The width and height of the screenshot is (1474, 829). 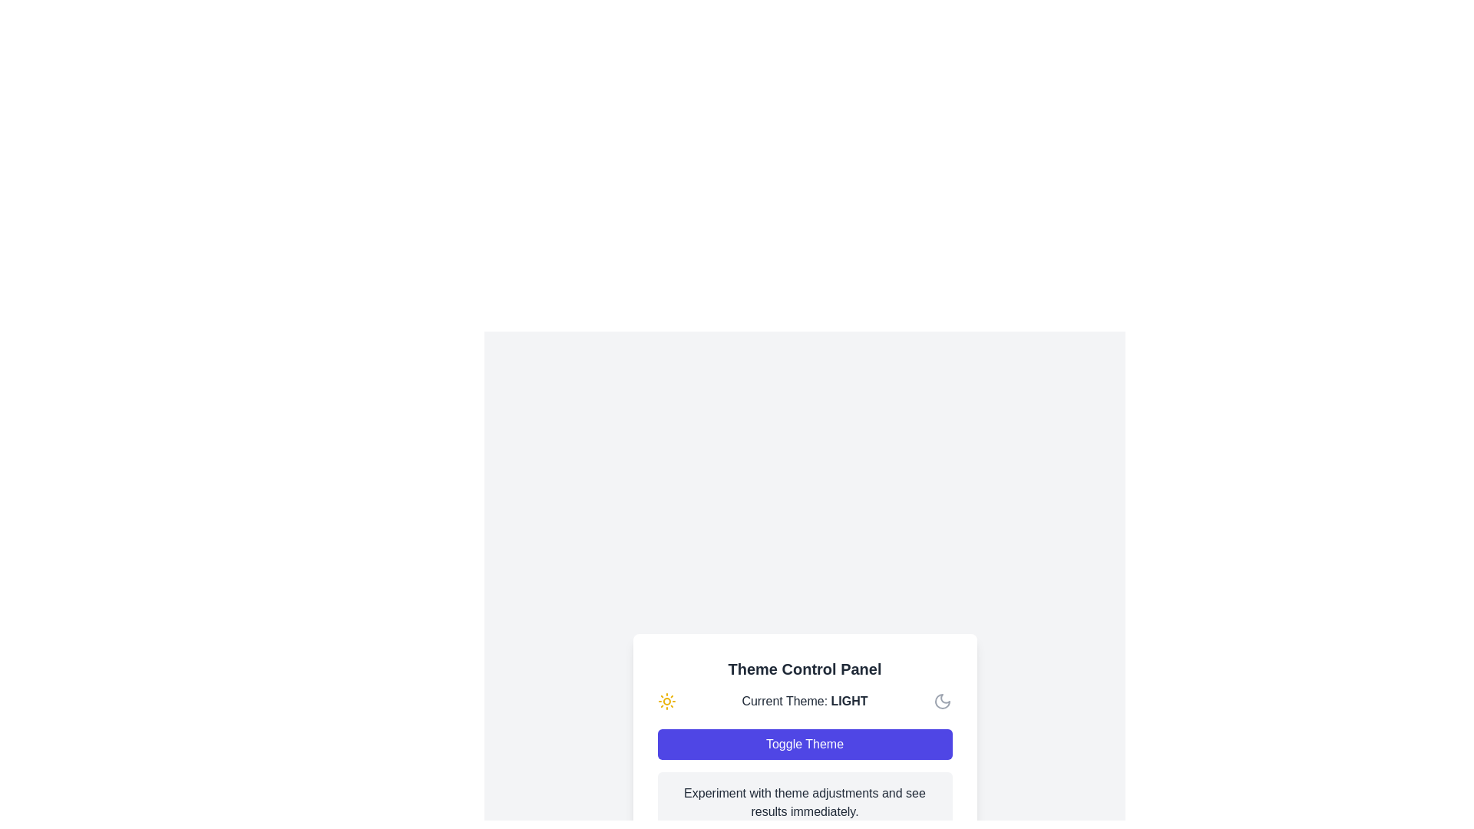 I want to click on the informational label indicating the current theme selected, which displays 'LIGHT' and is located in the middle of the 'Theme Control Panel' above the 'Toggle Theme' button, so click(x=804, y=702).